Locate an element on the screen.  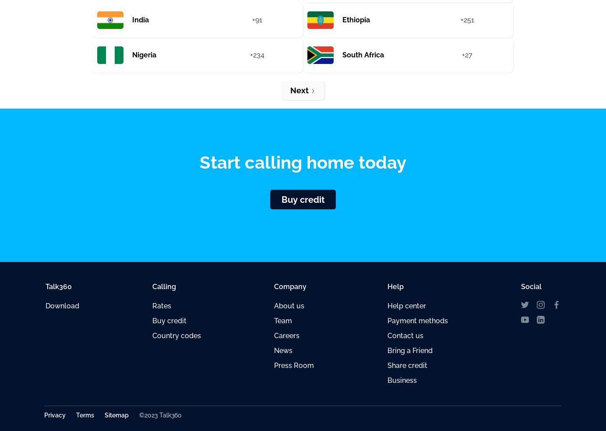
'Press Room' is located at coordinates (294, 365).